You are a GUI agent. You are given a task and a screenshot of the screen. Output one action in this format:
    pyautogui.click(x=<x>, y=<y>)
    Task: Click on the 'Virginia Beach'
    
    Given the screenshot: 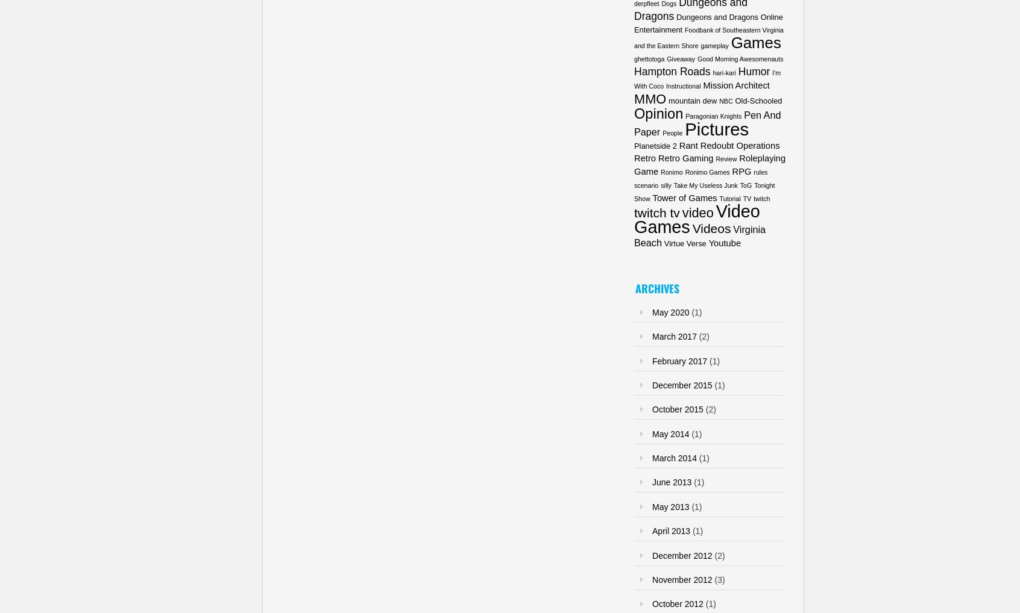 What is the action you would take?
    pyautogui.click(x=699, y=235)
    